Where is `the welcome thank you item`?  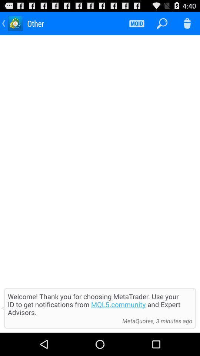 the welcome thank you item is located at coordinates (100, 304).